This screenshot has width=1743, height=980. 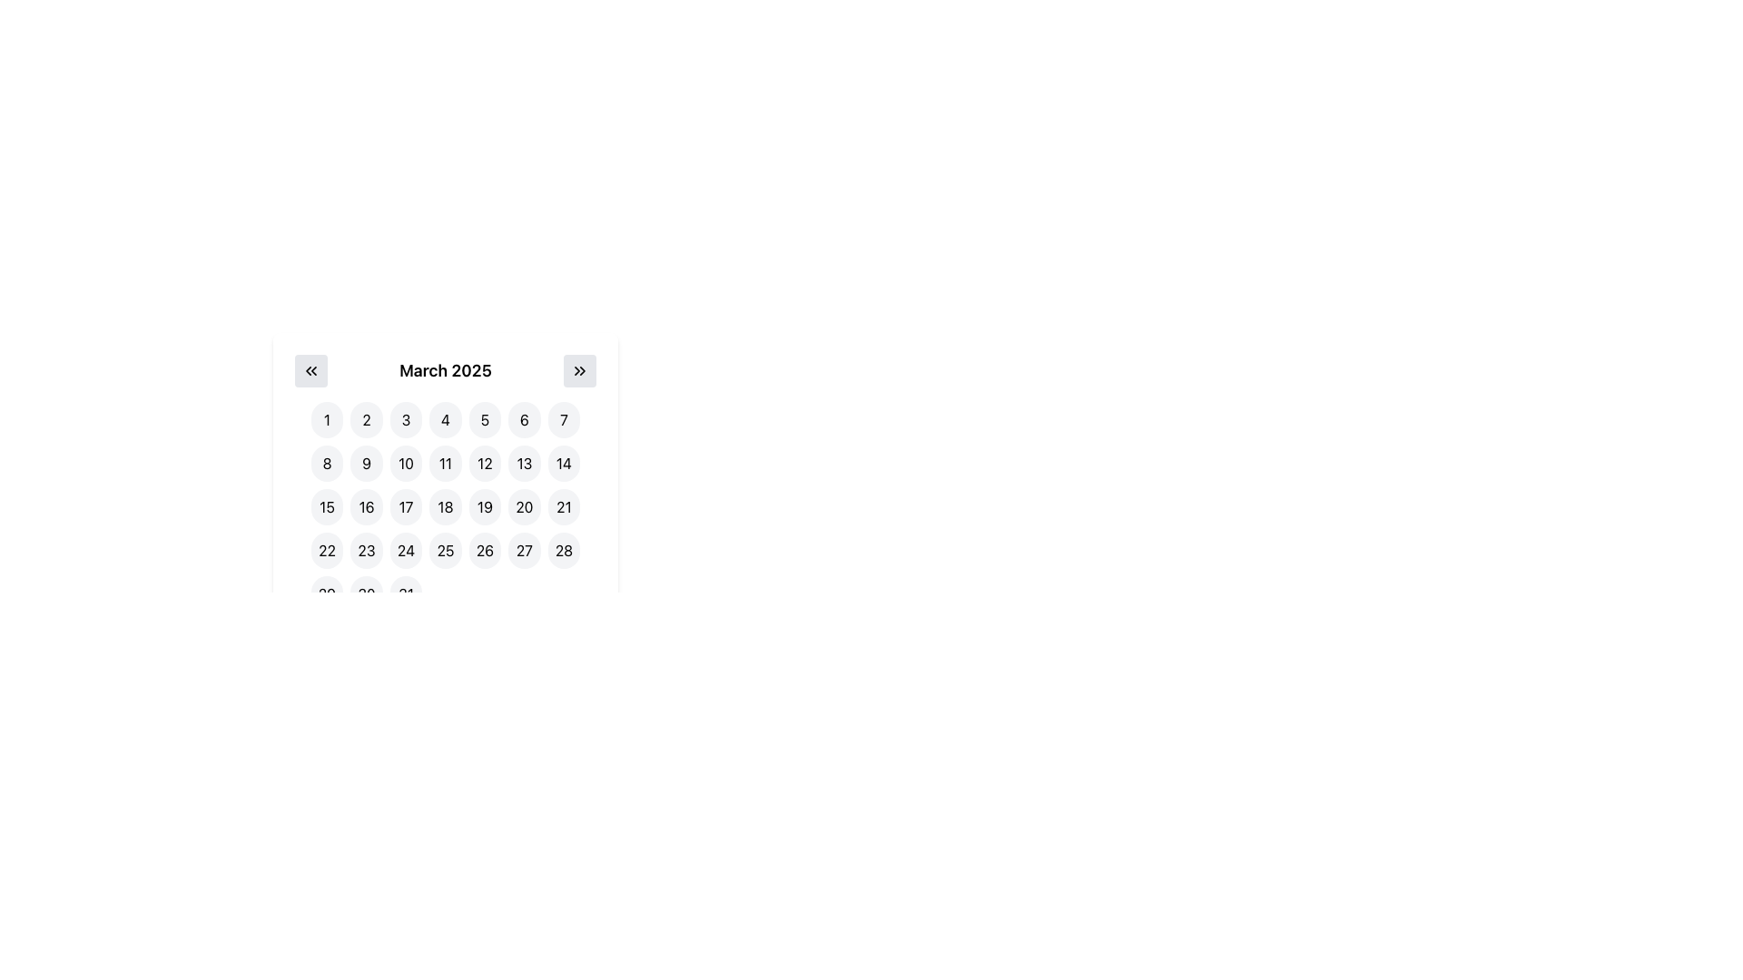 What do you see at coordinates (523, 507) in the screenshot?
I see `the circular button displaying '20' in black, located in the third row and sixth column of the calendar under 'March 2025'` at bounding box center [523, 507].